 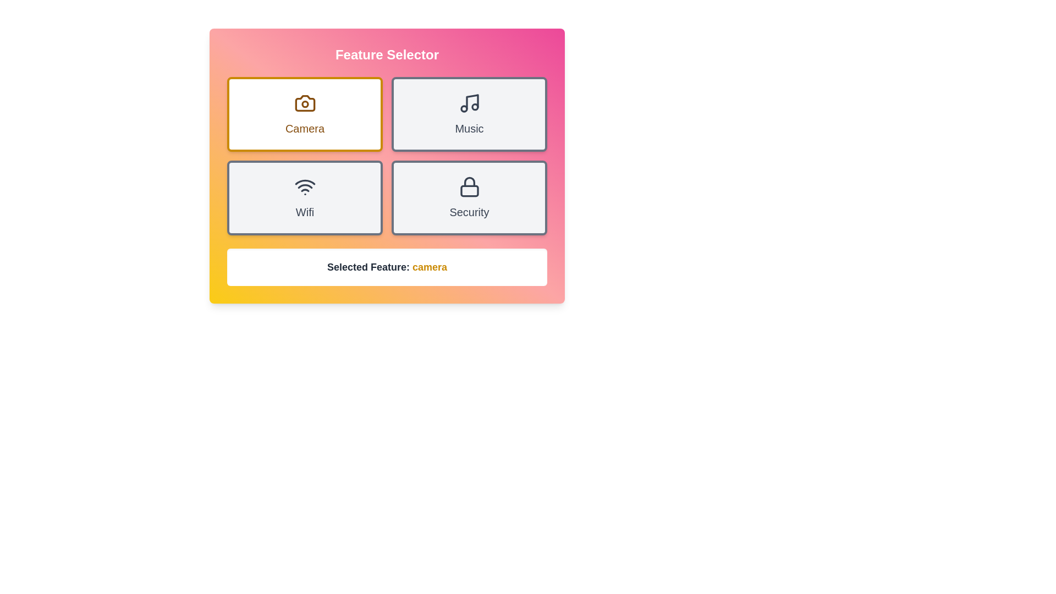 What do you see at coordinates (305, 186) in the screenshot?
I see `the second arc of the WiFi signal icon, which is part of the button labeled 'Wifi' located in the lower-left quadrant of the feature selector panel` at bounding box center [305, 186].